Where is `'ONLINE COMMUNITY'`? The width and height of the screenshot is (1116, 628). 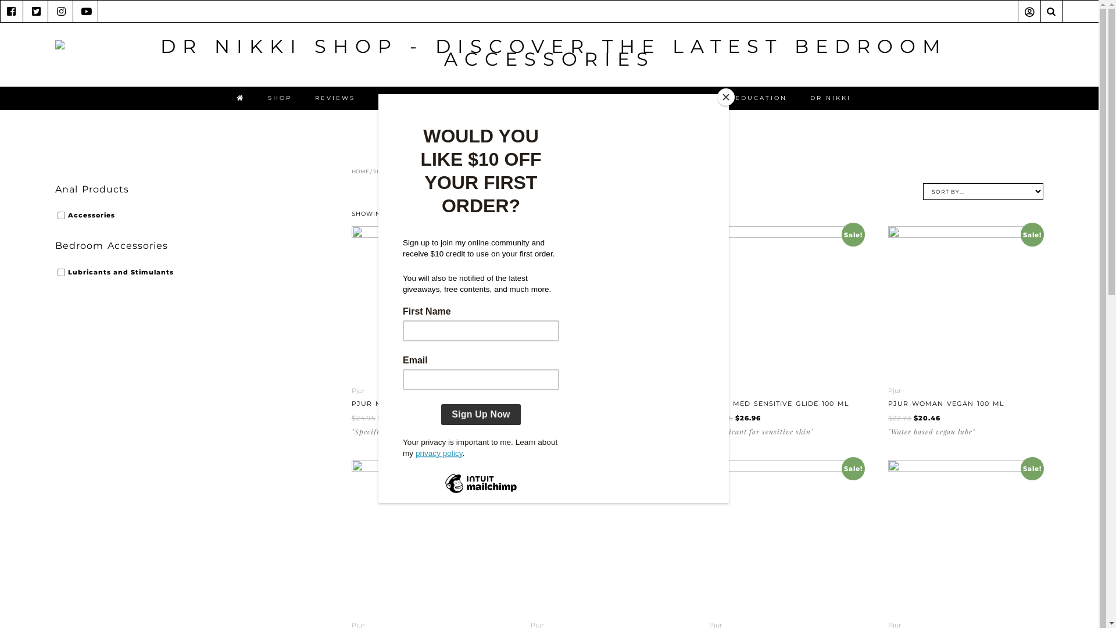
'ONLINE COMMUNITY' is located at coordinates (614, 91).